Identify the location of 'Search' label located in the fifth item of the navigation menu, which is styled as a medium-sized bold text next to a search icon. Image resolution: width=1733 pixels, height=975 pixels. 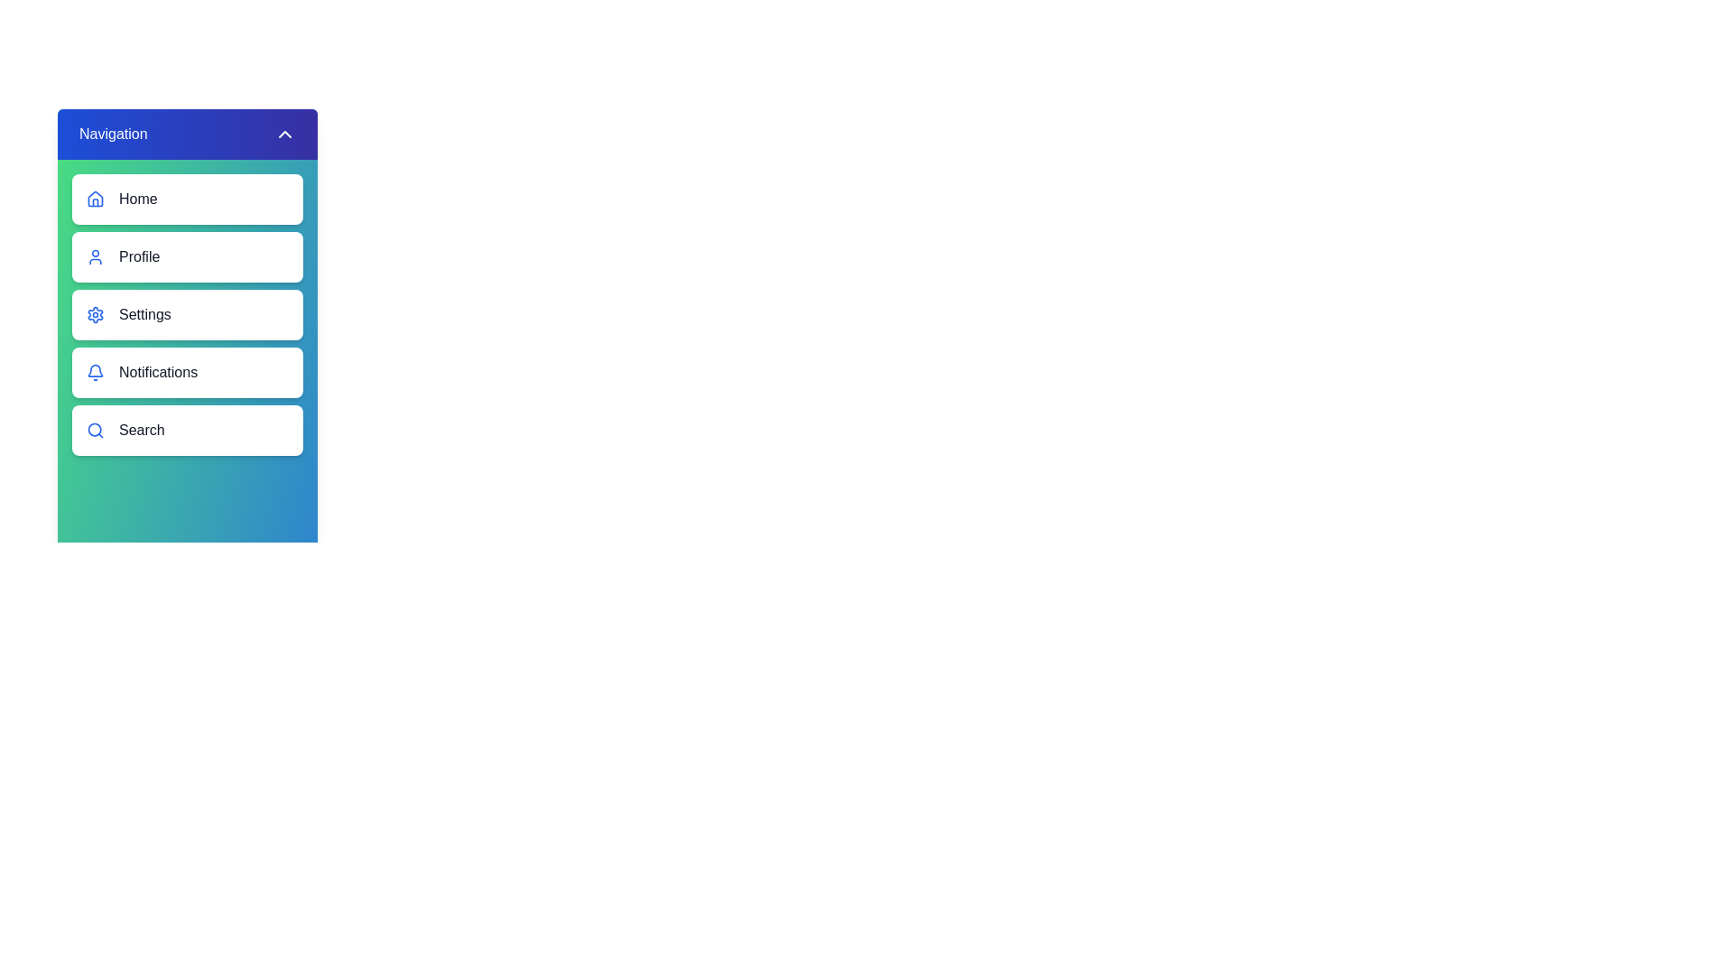
(141, 431).